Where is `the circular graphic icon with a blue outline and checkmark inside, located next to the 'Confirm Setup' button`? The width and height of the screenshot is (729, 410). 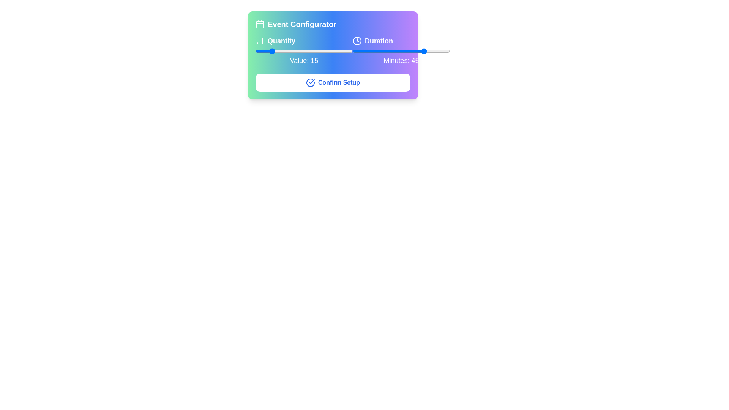
the circular graphic icon with a blue outline and checkmark inside, located next to the 'Confirm Setup' button is located at coordinates (310, 83).